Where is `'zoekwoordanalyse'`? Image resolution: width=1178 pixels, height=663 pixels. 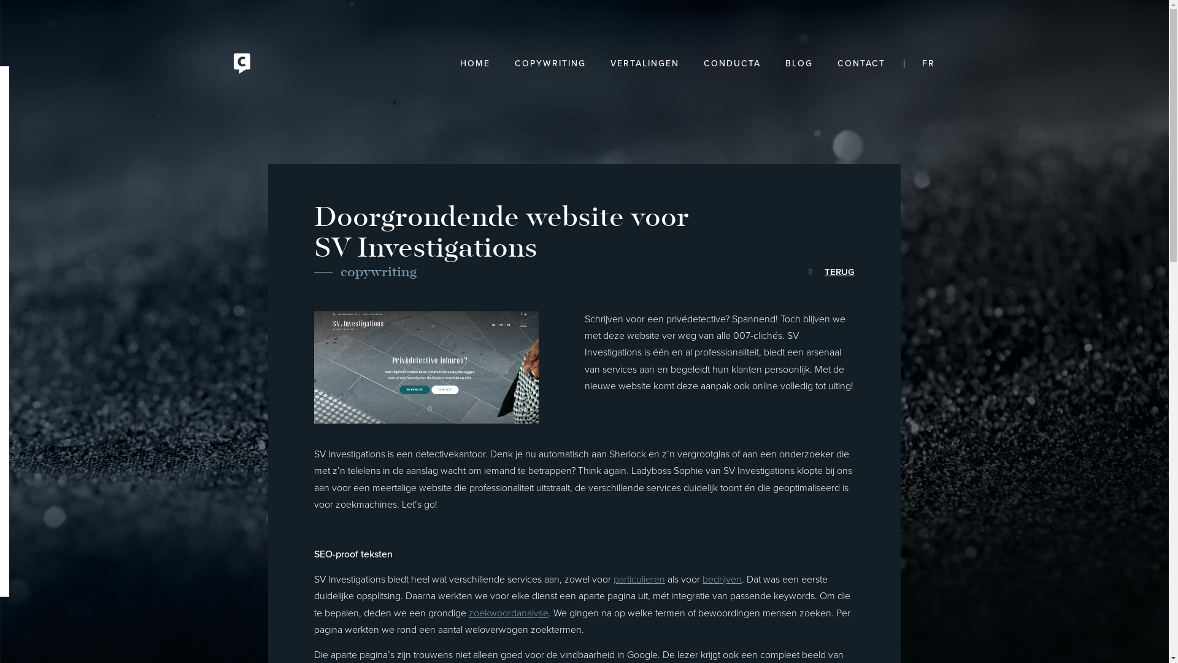 'zoekwoordanalyse' is located at coordinates (509, 613).